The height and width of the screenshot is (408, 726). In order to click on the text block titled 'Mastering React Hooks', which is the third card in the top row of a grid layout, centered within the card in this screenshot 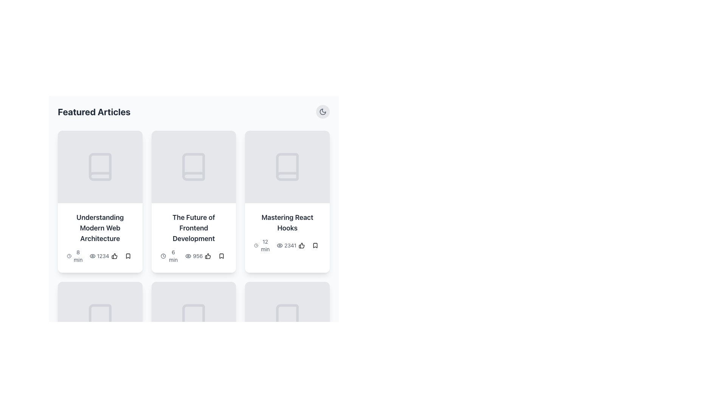, I will do `click(287, 232)`.